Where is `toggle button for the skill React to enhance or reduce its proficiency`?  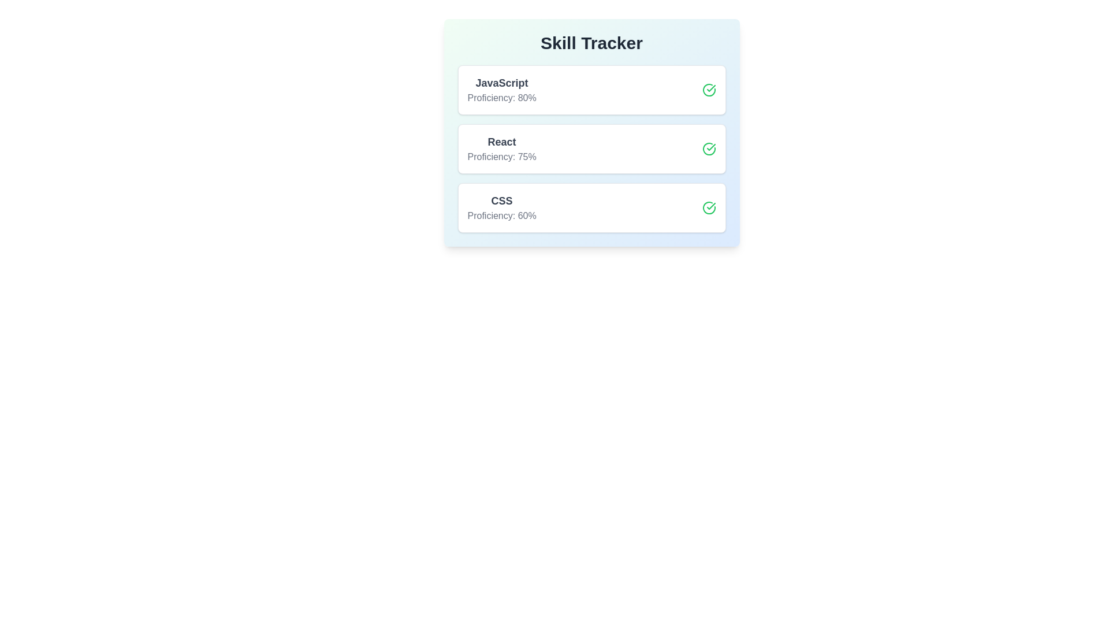
toggle button for the skill React to enhance or reduce its proficiency is located at coordinates (708, 148).